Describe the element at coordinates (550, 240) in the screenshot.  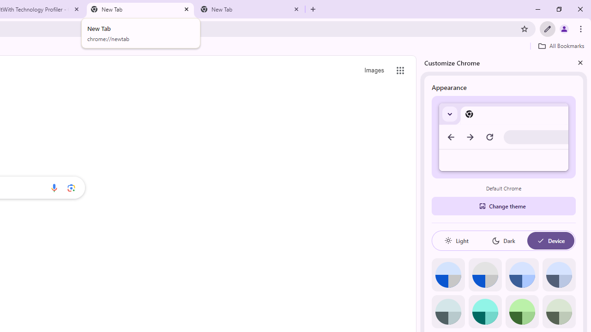
I see `'Device'` at that location.